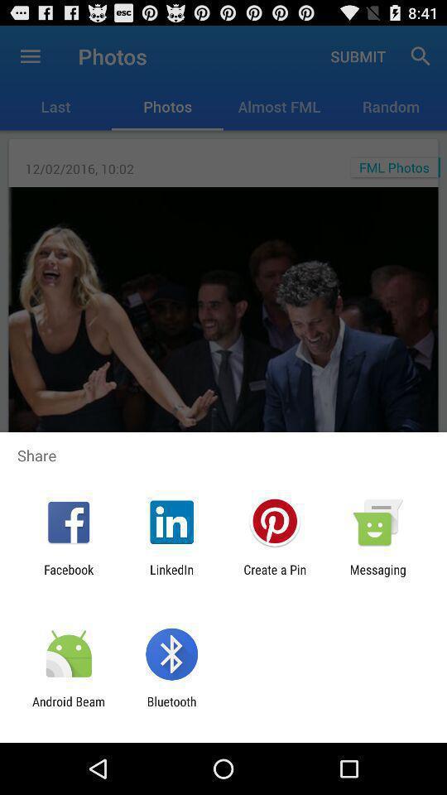  What do you see at coordinates (275, 576) in the screenshot?
I see `icon to the left of messaging app` at bounding box center [275, 576].